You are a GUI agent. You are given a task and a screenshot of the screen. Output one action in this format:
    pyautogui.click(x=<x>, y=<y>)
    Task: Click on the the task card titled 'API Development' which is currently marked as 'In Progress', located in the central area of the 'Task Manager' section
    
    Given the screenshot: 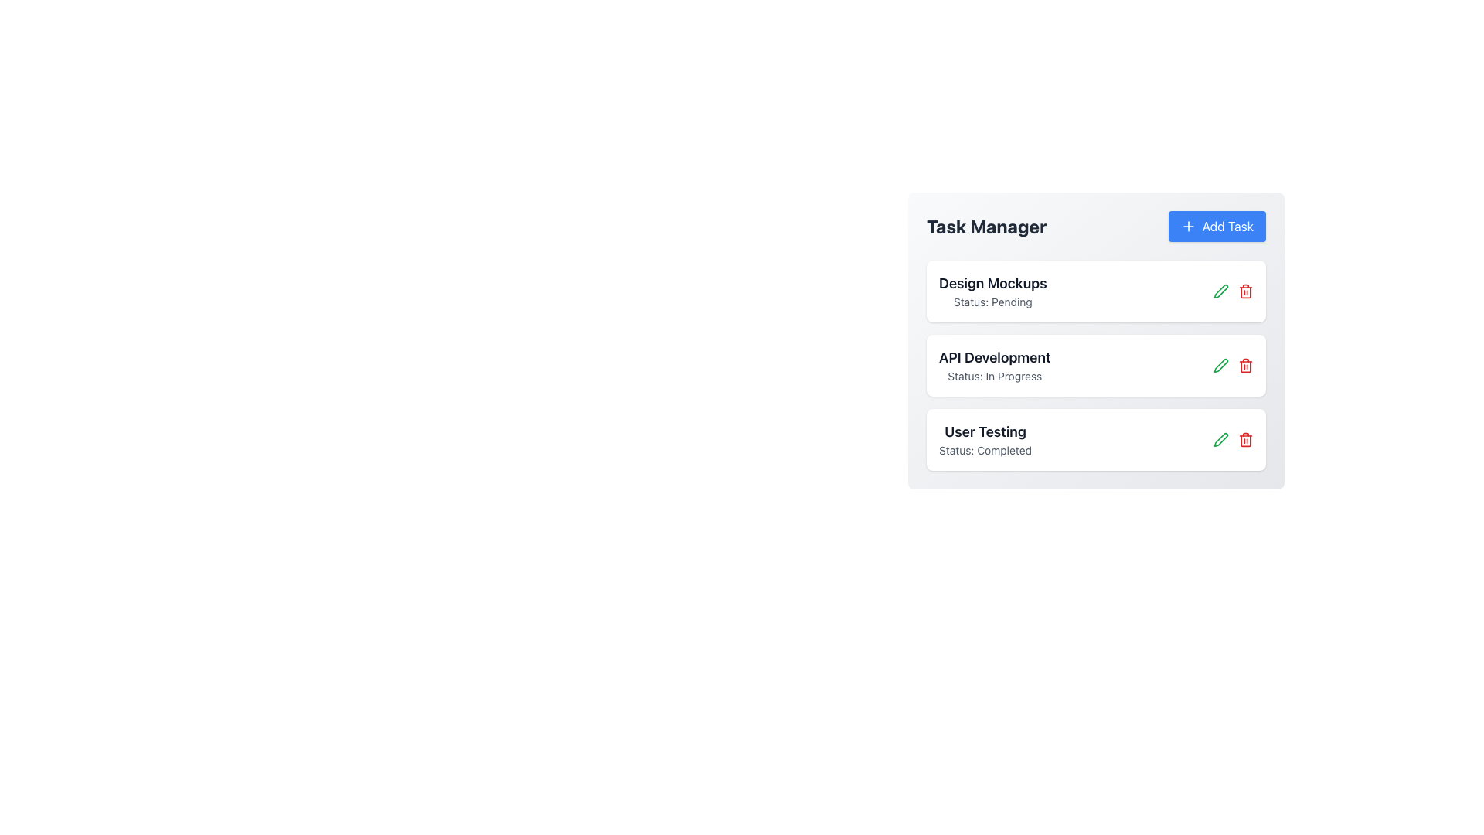 What is the action you would take?
    pyautogui.click(x=1095, y=366)
    